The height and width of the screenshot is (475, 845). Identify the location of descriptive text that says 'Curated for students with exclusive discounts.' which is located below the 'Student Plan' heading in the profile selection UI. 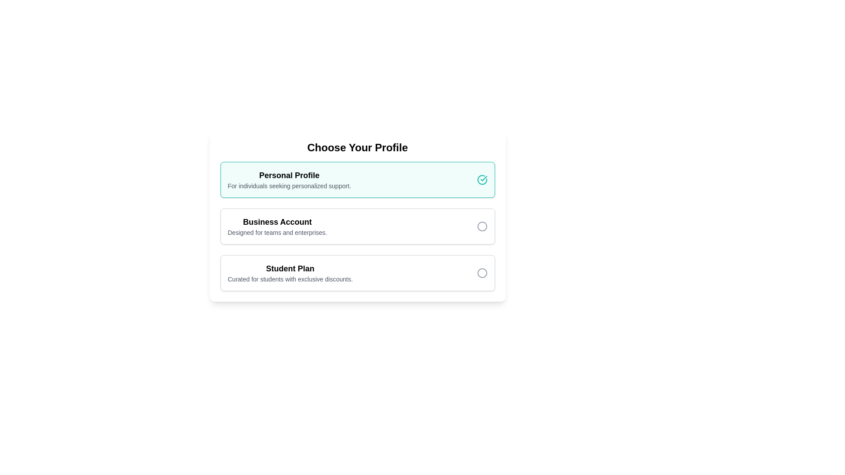
(290, 279).